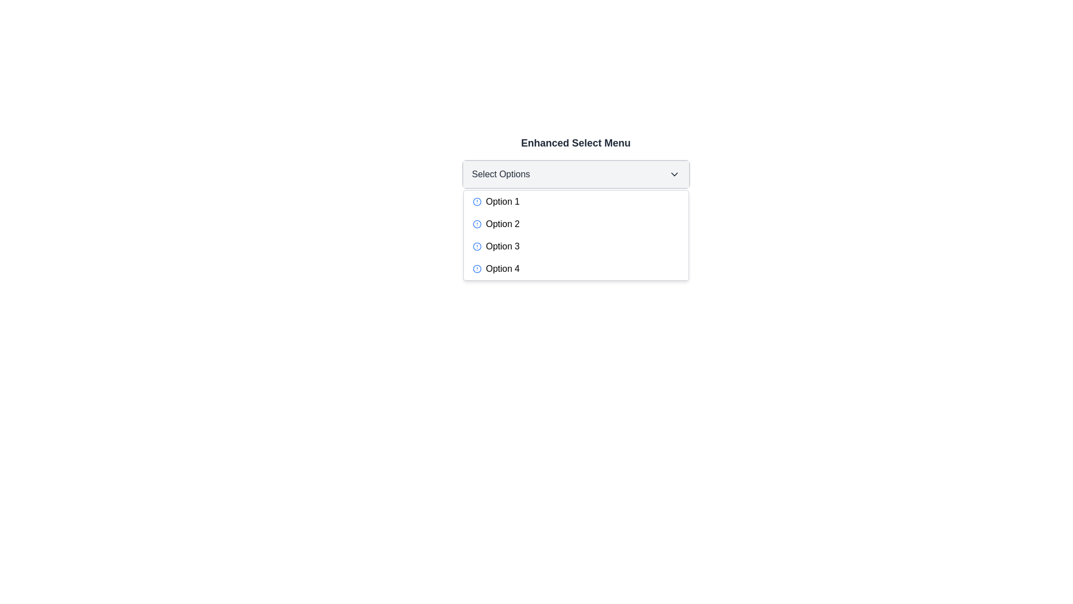  What do you see at coordinates (576, 202) in the screenshot?
I see `the 'Option 1' in the dropdown menu` at bounding box center [576, 202].